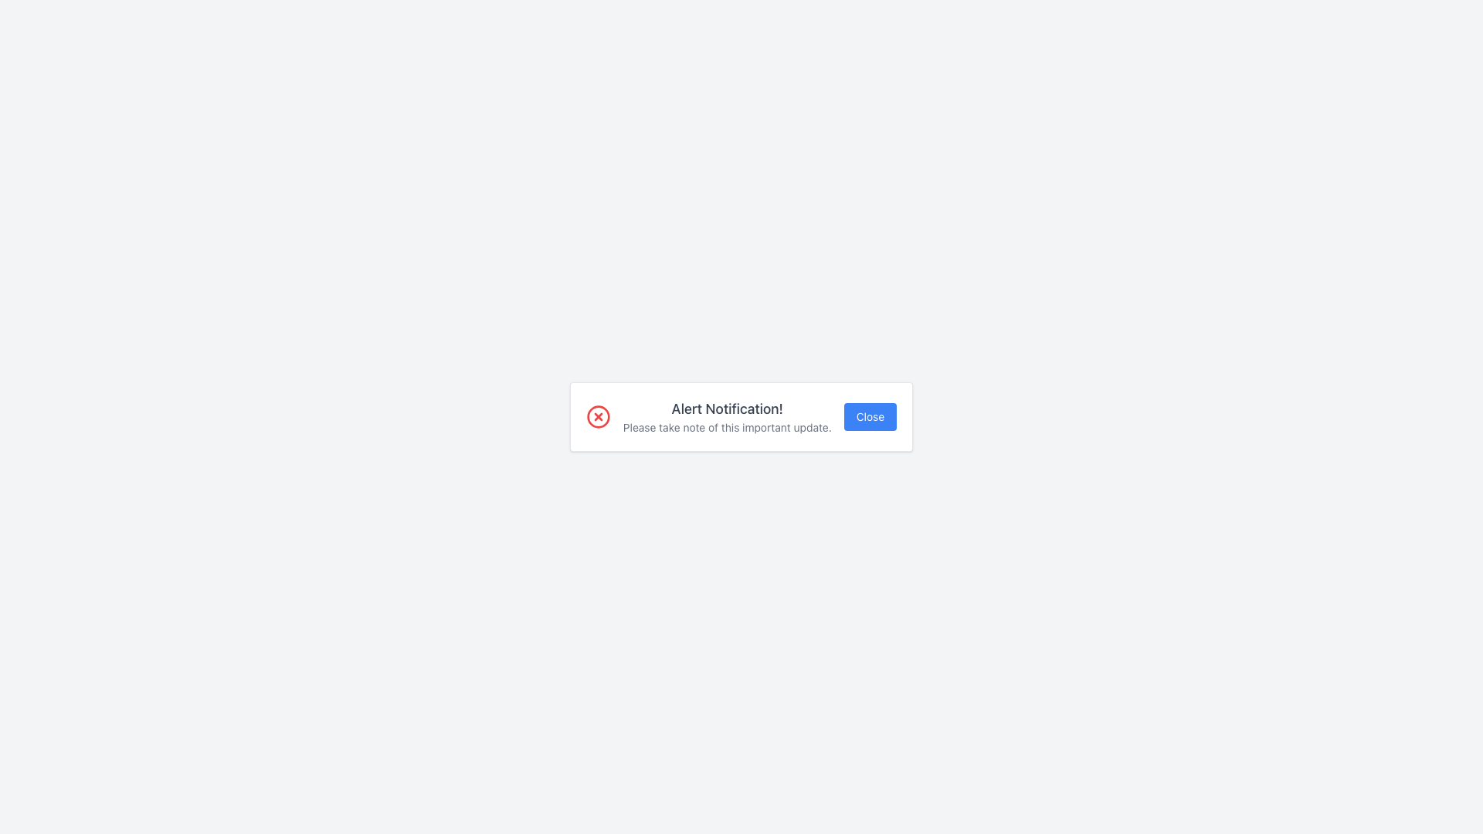 The height and width of the screenshot is (834, 1483). Describe the element at coordinates (726, 428) in the screenshot. I see `text line that says 'Please take note of this important update.' which is located below the header 'Alert Notification!' in the notification panel` at that location.